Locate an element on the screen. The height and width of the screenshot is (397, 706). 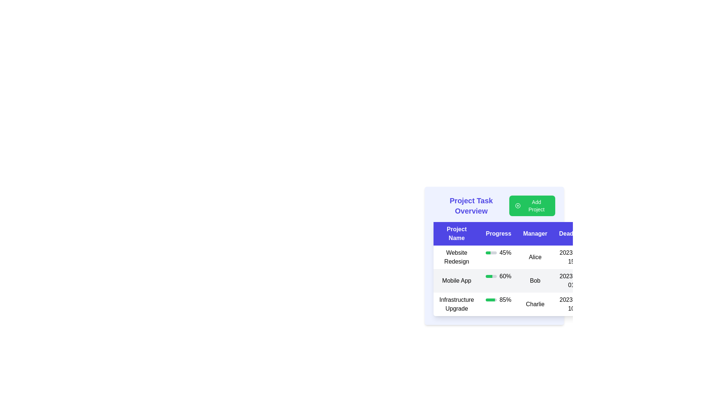
the progress bar representing '85%' in the 'Infrastructure Upgrade' row under the 'Progress' column is located at coordinates (491, 300).